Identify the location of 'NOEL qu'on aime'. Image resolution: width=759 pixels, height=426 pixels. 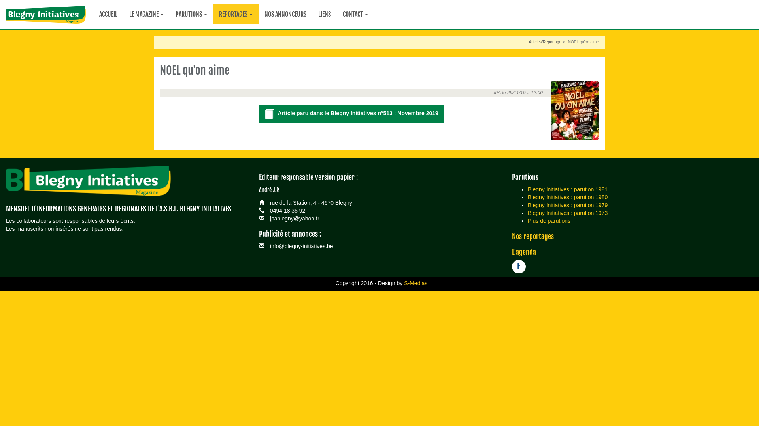
(575, 110).